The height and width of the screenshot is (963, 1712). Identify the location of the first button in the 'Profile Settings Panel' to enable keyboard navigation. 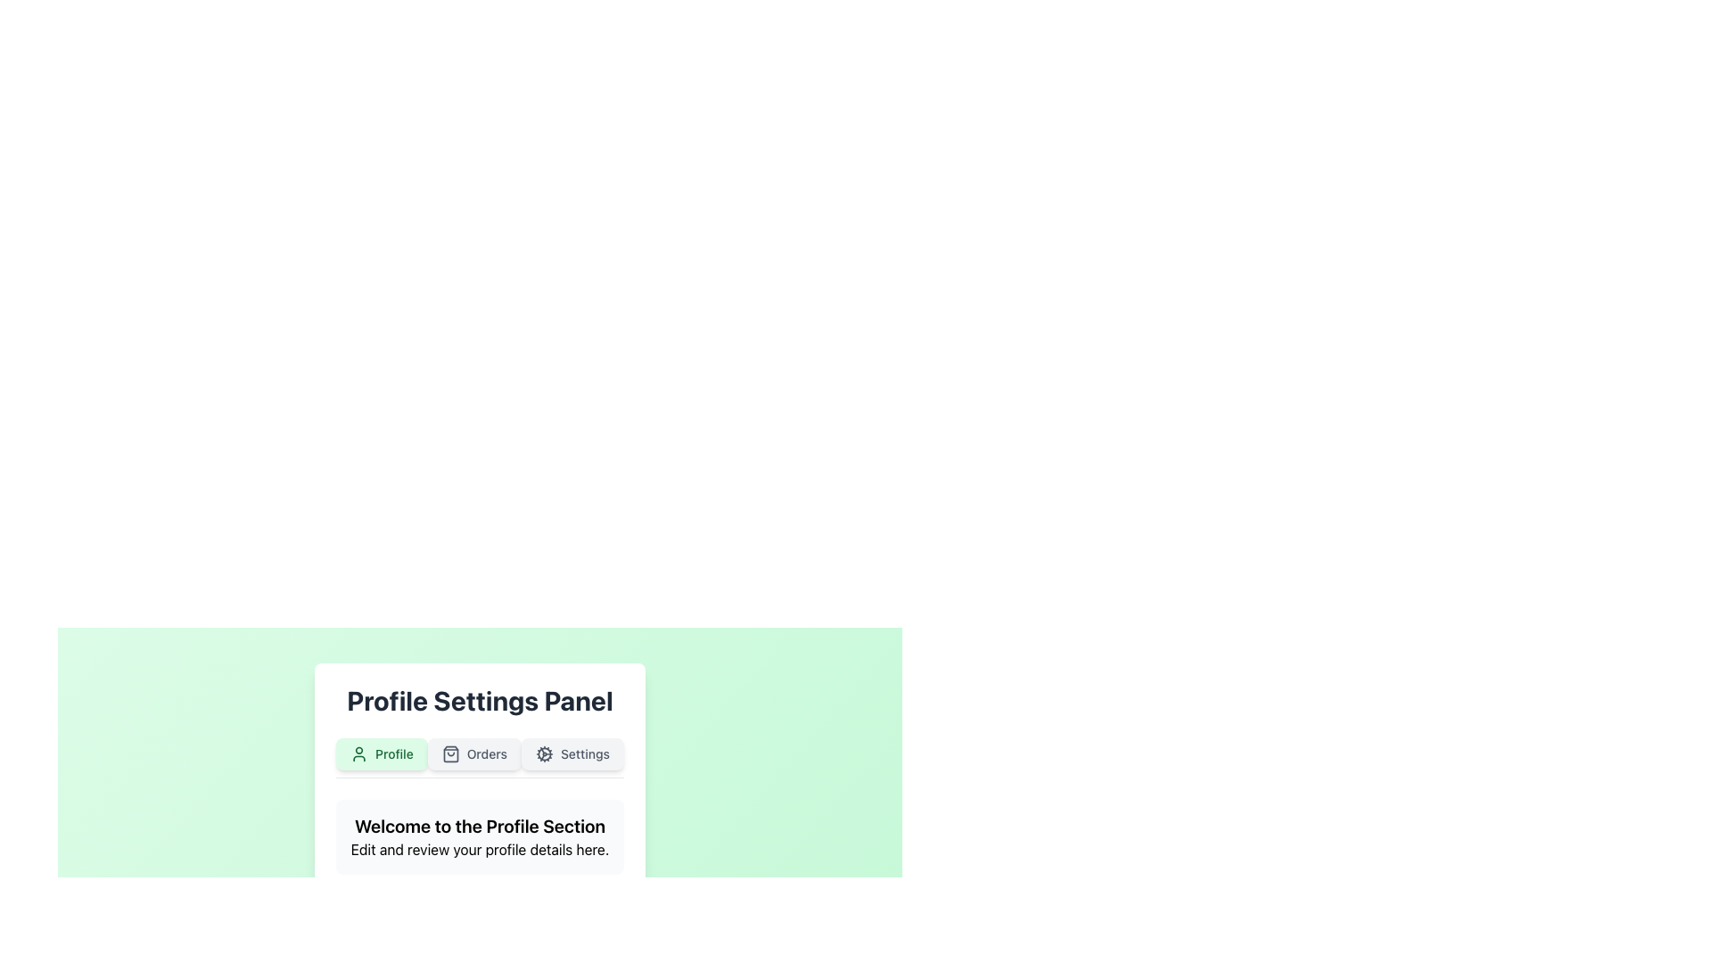
(381, 753).